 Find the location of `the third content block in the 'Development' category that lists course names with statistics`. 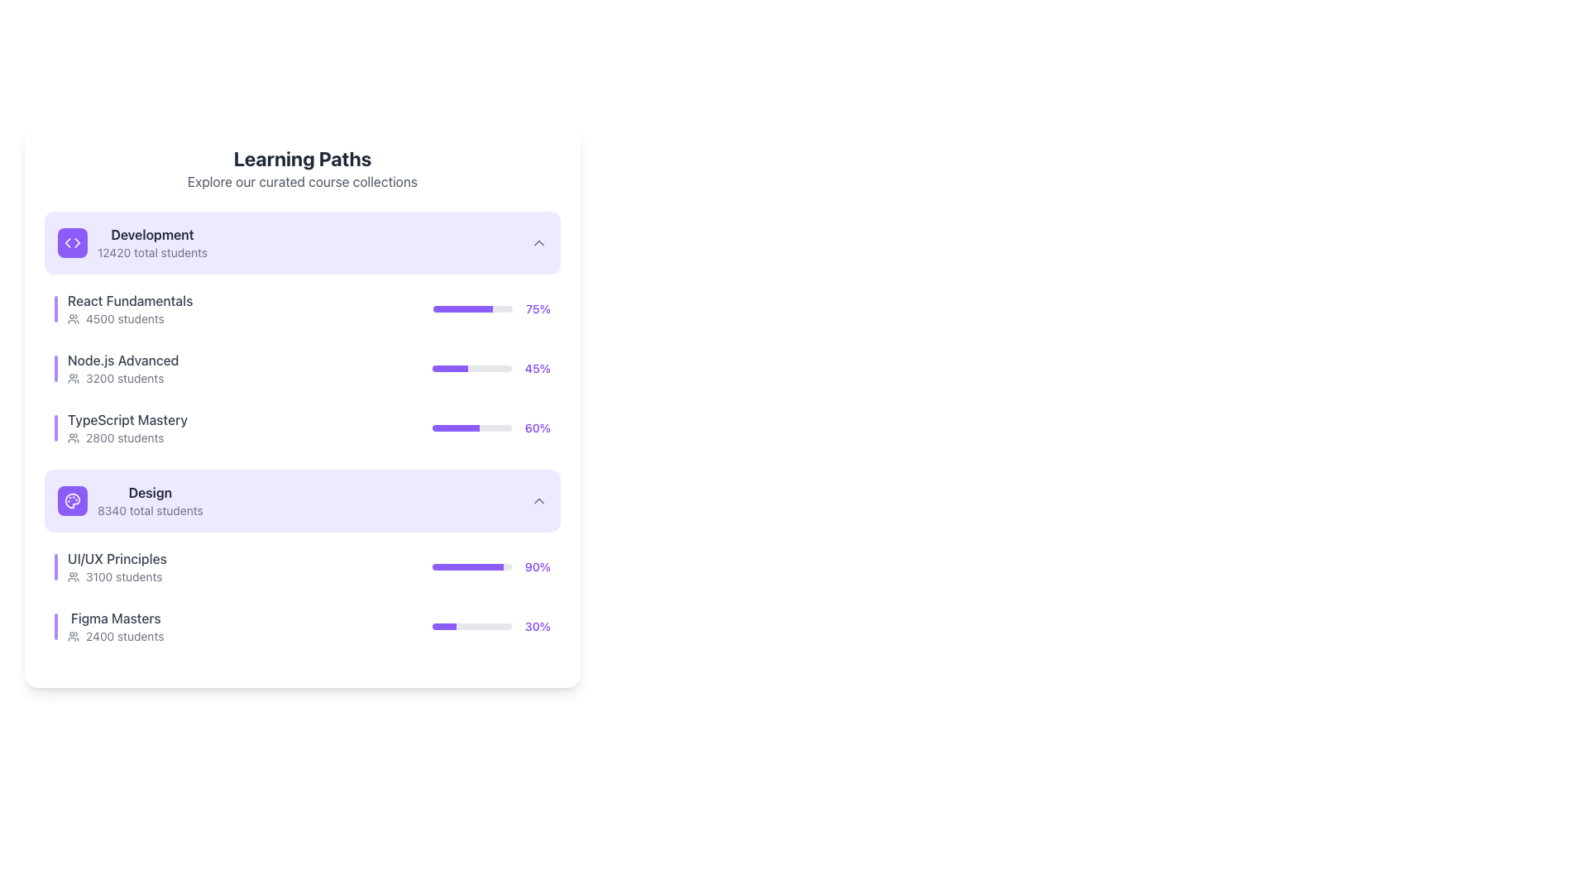

the third content block in the 'Development' category that lists course names with statistics is located at coordinates (302, 334).